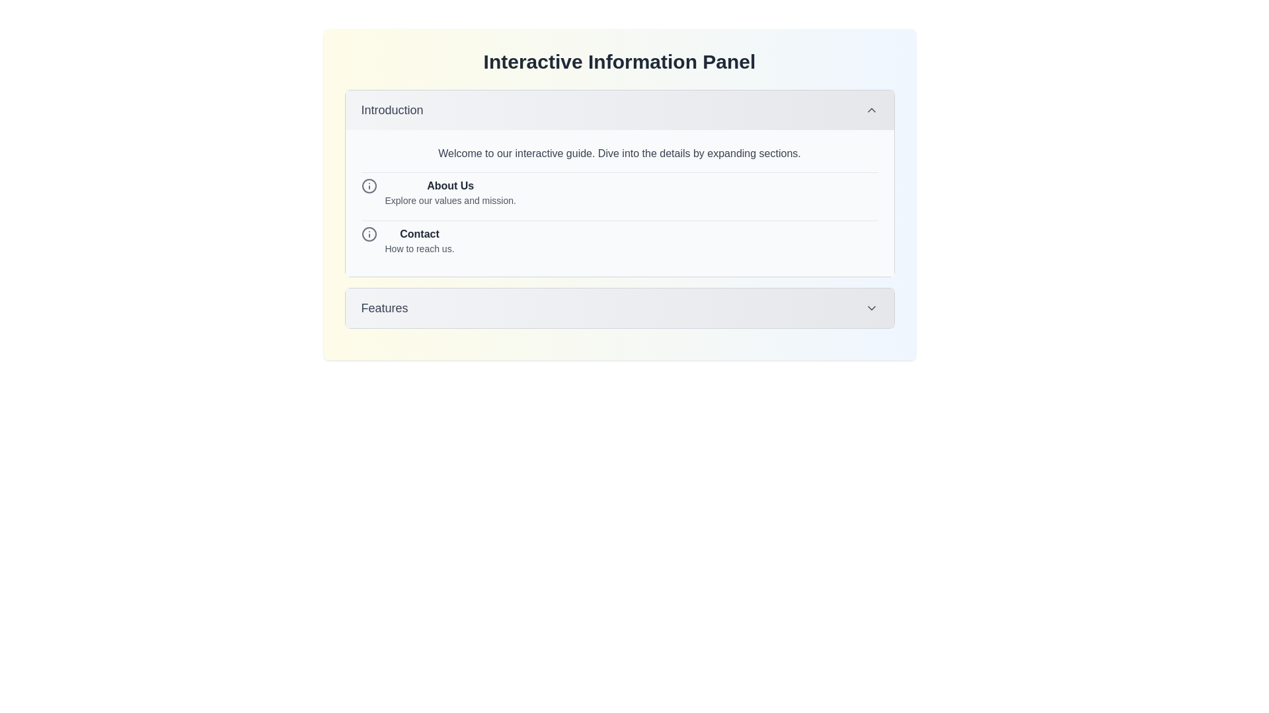 The height and width of the screenshot is (713, 1269). Describe the element at coordinates (871, 308) in the screenshot. I see `the downward-facing gray chevron icon next to the 'Features' label to trigger the tooltip effect` at that location.